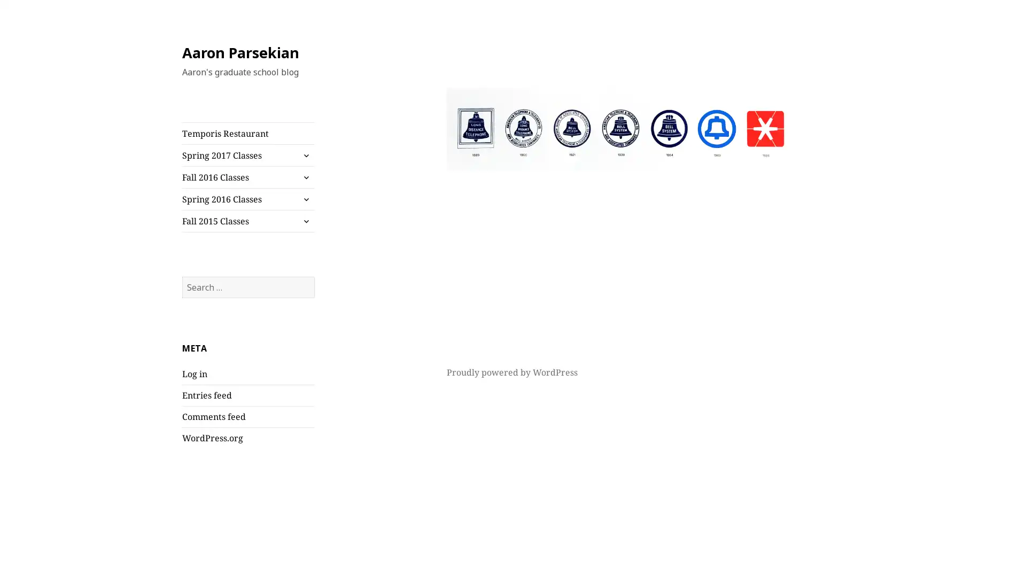  What do you see at coordinates (305, 199) in the screenshot?
I see `expand child menu` at bounding box center [305, 199].